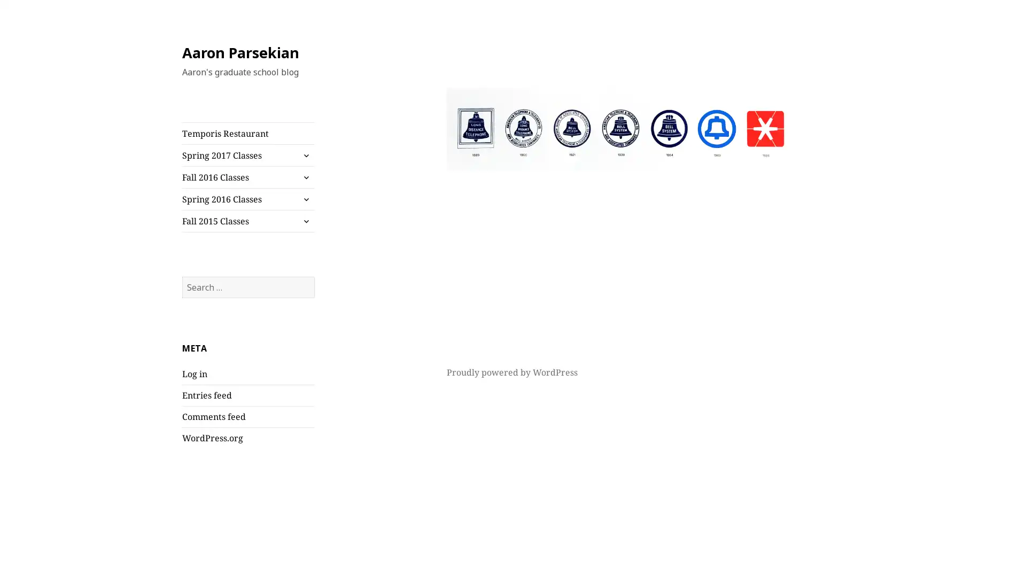  What do you see at coordinates (305, 199) in the screenshot?
I see `expand child menu` at bounding box center [305, 199].